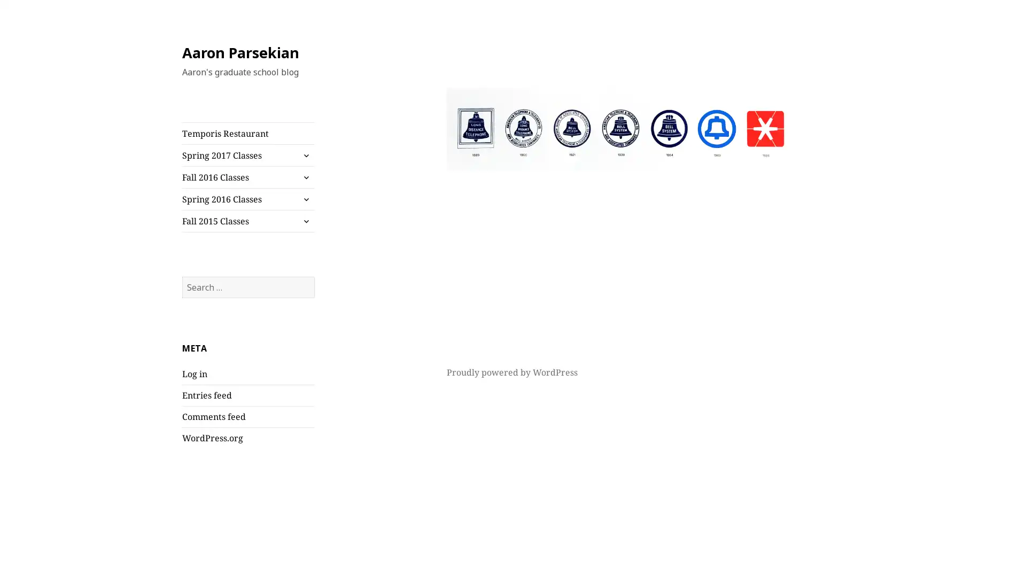  What do you see at coordinates (305, 199) in the screenshot?
I see `expand child menu` at bounding box center [305, 199].